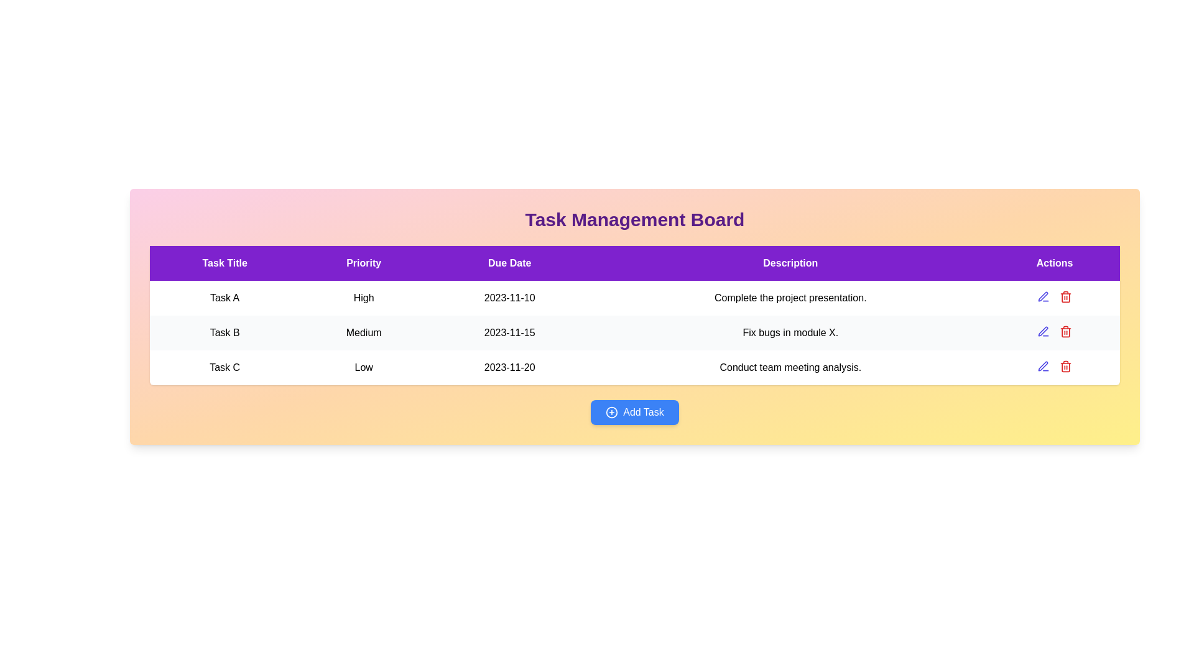 Image resolution: width=1194 pixels, height=671 pixels. What do you see at coordinates (363, 332) in the screenshot?
I see `the non-interactive text label indicating the priority level of 'Task B' in the table located in the second row under the 'Priority' column` at bounding box center [363, 332].